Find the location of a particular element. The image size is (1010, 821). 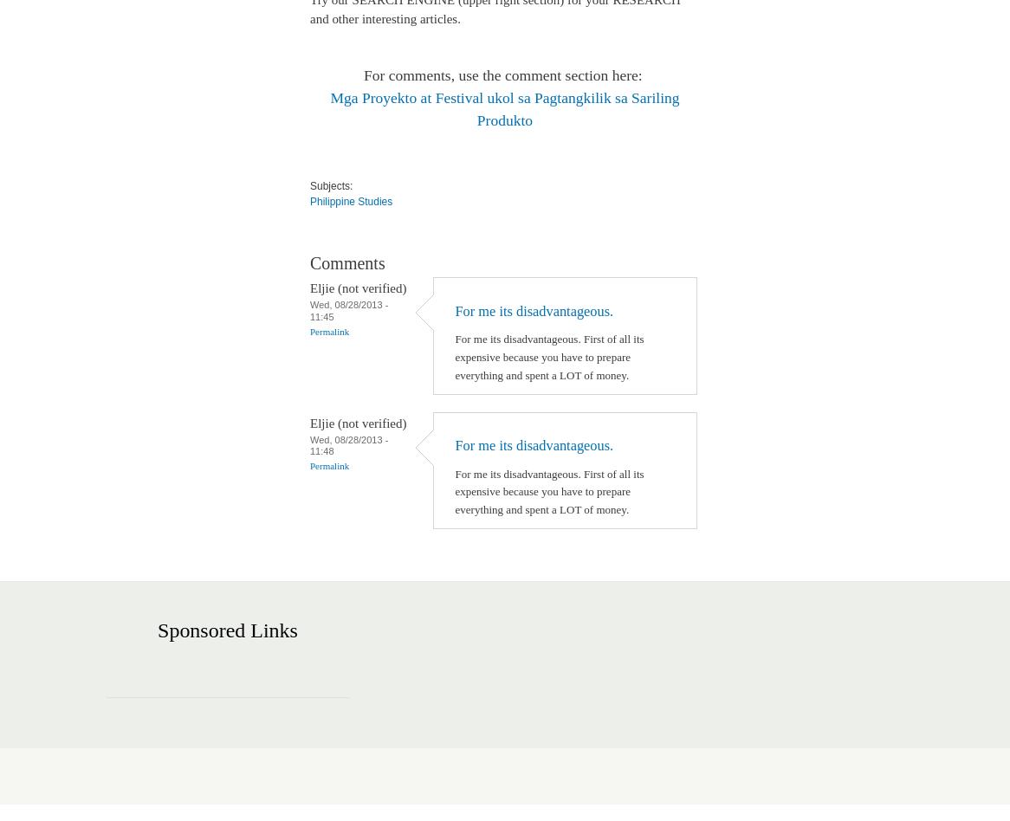

'Sponsored Links' is located at coordinates (157, 630).